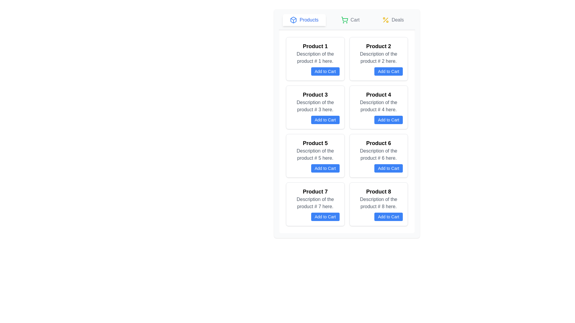 This screenshot has width=575, height=323. Describe the element at coordinates (315, 191) in the screenshot. I see `the title text element of Product 7 located at the top-center of the lower-left card in the grid layout` at that location.